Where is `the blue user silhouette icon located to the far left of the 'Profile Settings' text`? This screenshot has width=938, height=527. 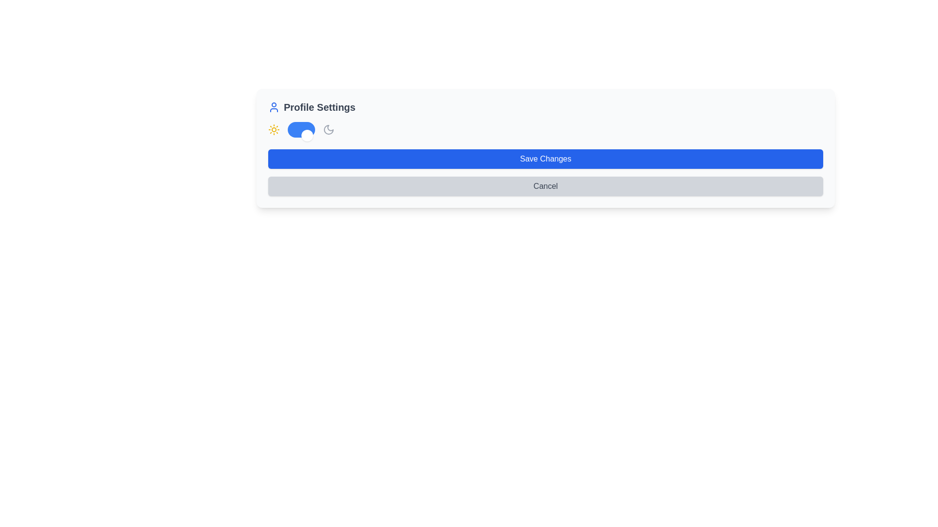 the blue user silhouette icon located to the far left of the 'Profile Settings' text is located at coordinates (274, 107).